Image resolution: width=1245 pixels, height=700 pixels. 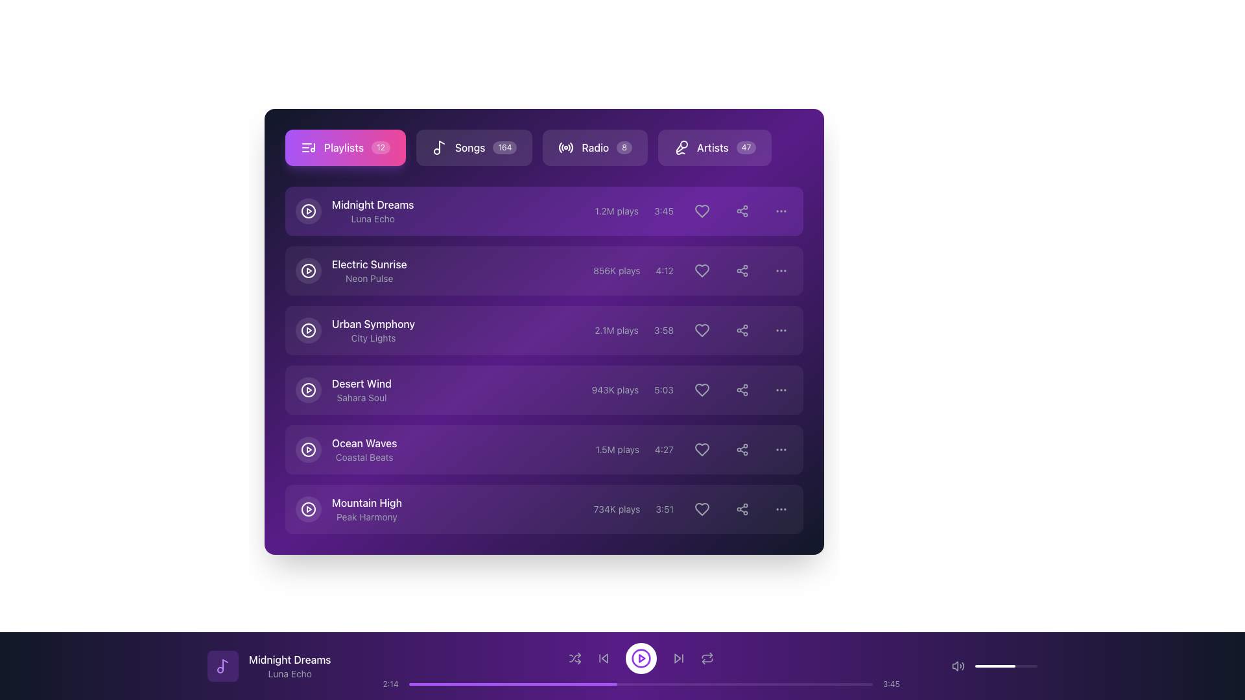 I want to click on the text label that reads 'Mountain High' and 'Peak Harmony' located in the fifth row of a list layout, so click(x=366, y=509).